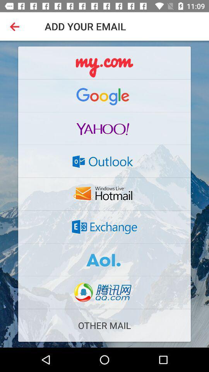  What do you see at coordinates (104, 292) in the screenshot?
I see `icon above the other mail` at bounding box center [104, 292].